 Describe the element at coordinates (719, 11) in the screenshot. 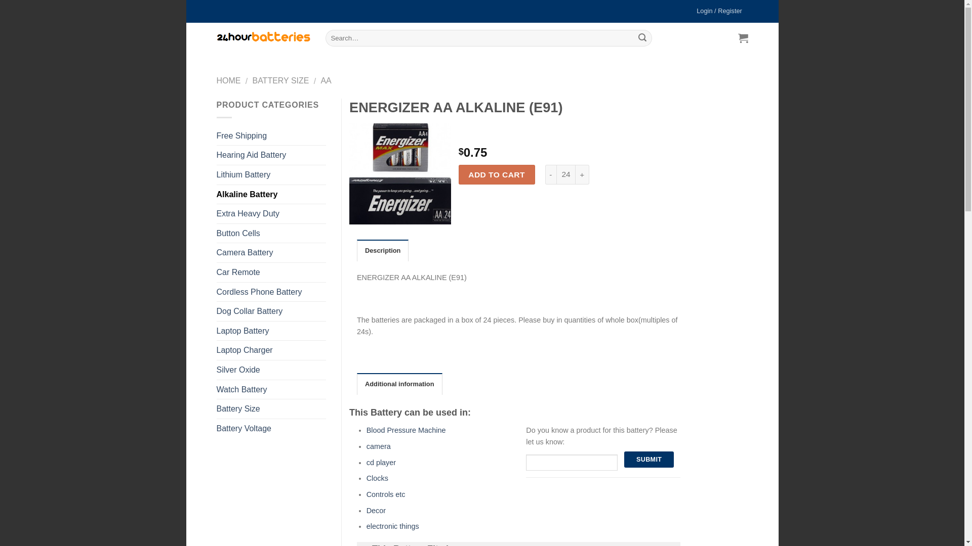

I see `'Login / Register'` at that location.